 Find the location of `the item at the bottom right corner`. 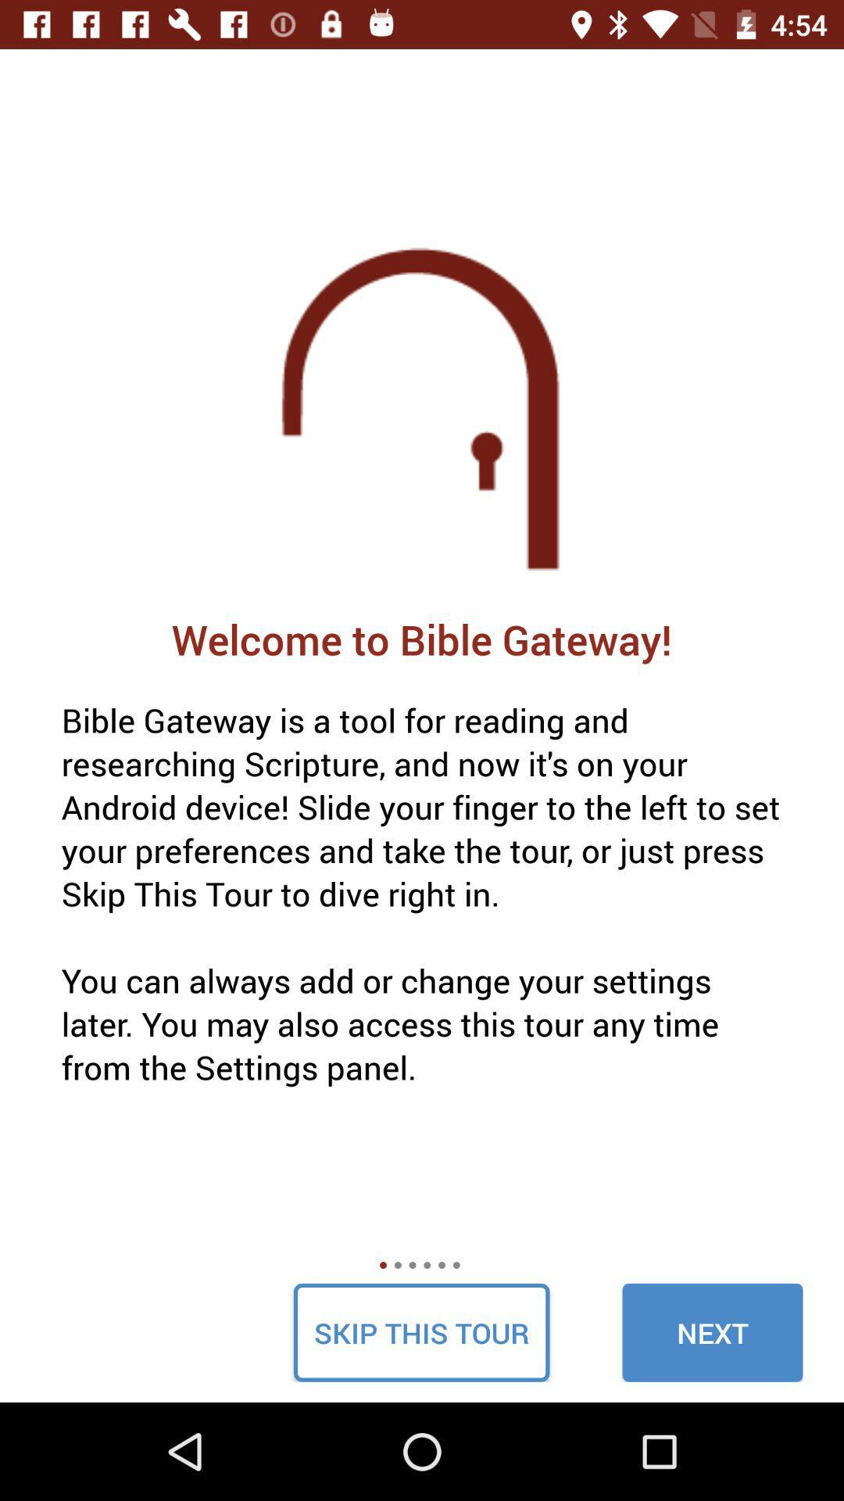

the item at the bottom right corner is located at coordinates (712, 1331).